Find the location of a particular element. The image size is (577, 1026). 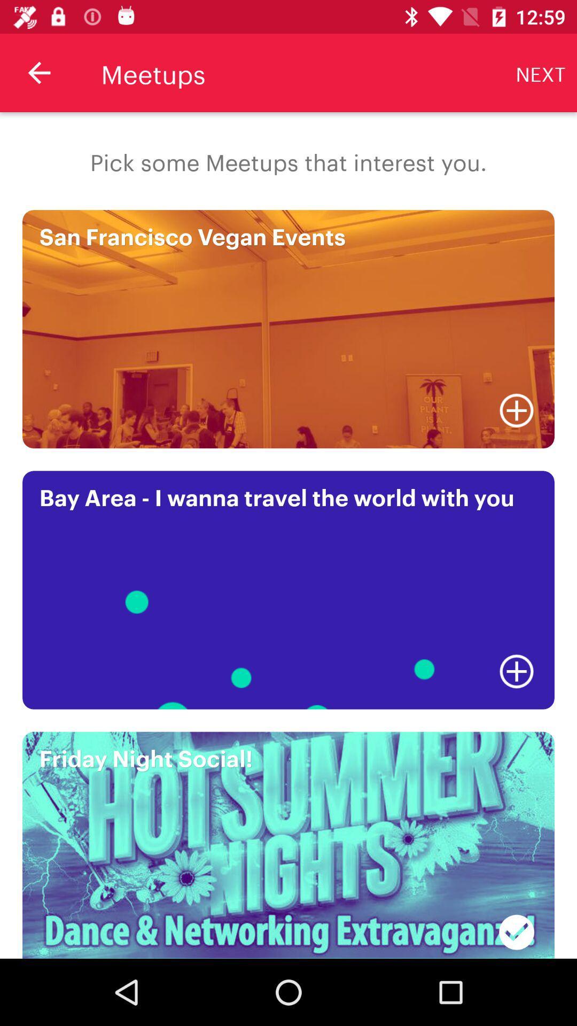

next item is located at coordinates (541, 72).